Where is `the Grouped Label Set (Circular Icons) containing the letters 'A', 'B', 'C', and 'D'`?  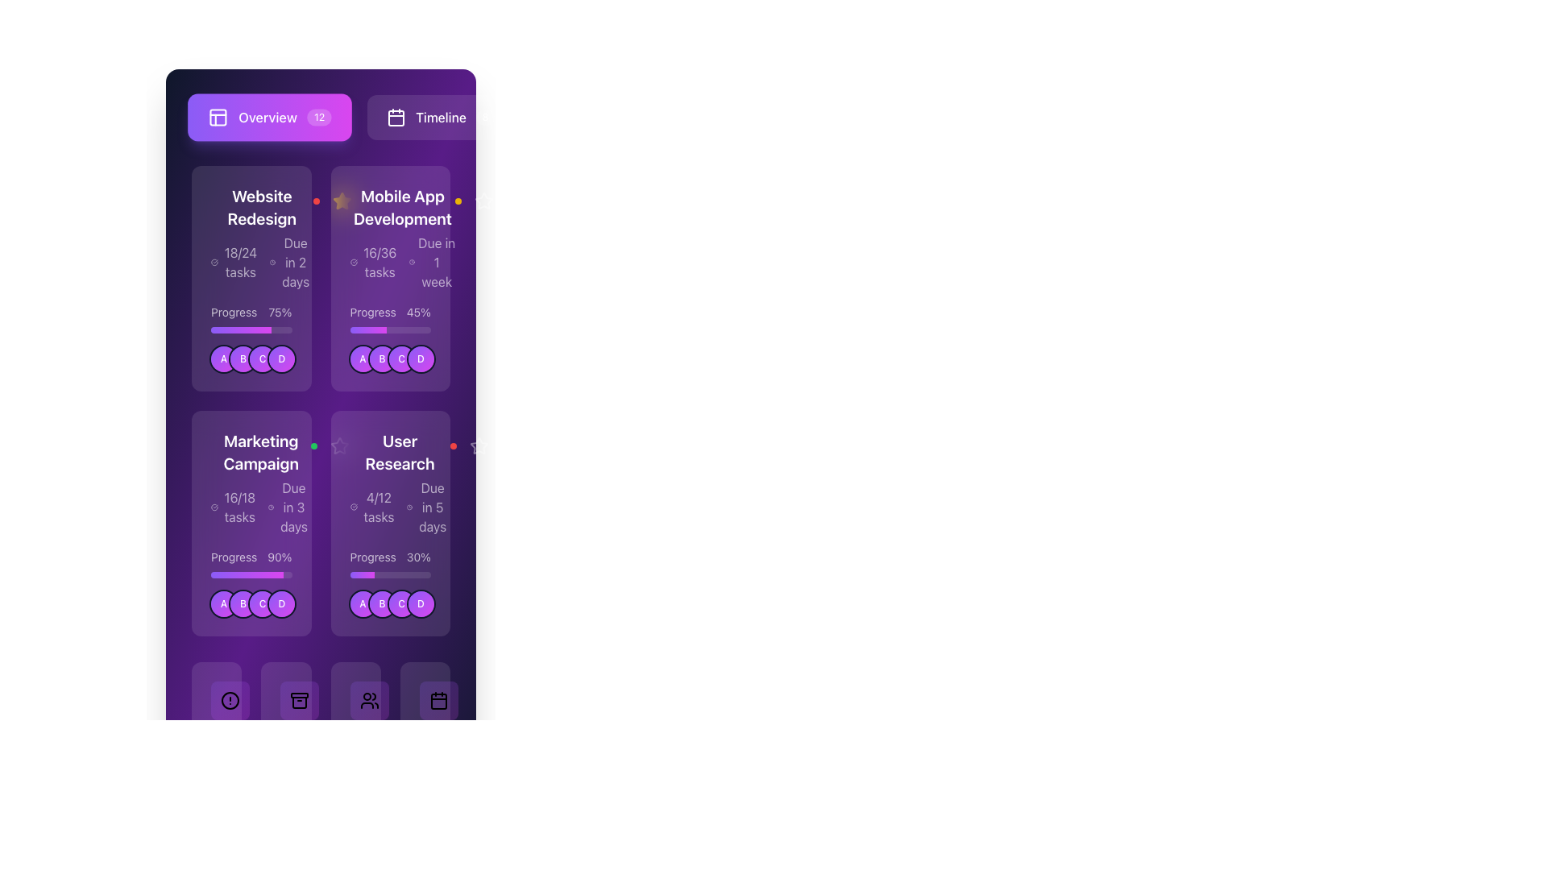
the Grouped Label Set (Circular Icons) containing the letters 'A', 'B', 'C', and 'D' is located at coordinates (392, 603).